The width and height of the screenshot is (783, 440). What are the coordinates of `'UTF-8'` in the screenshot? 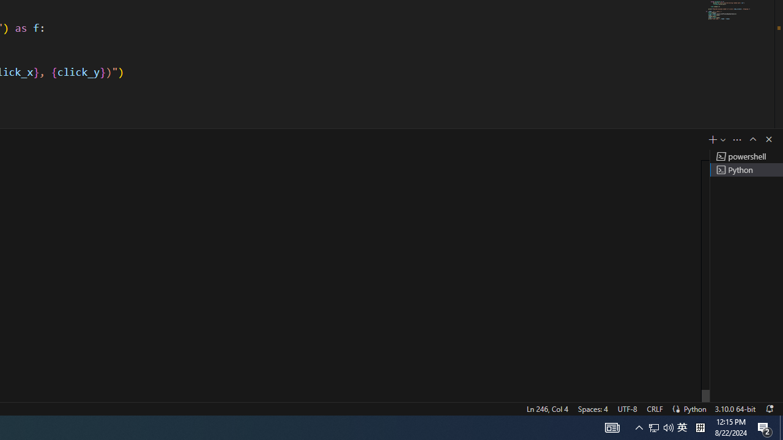 It's located at (627, 408).